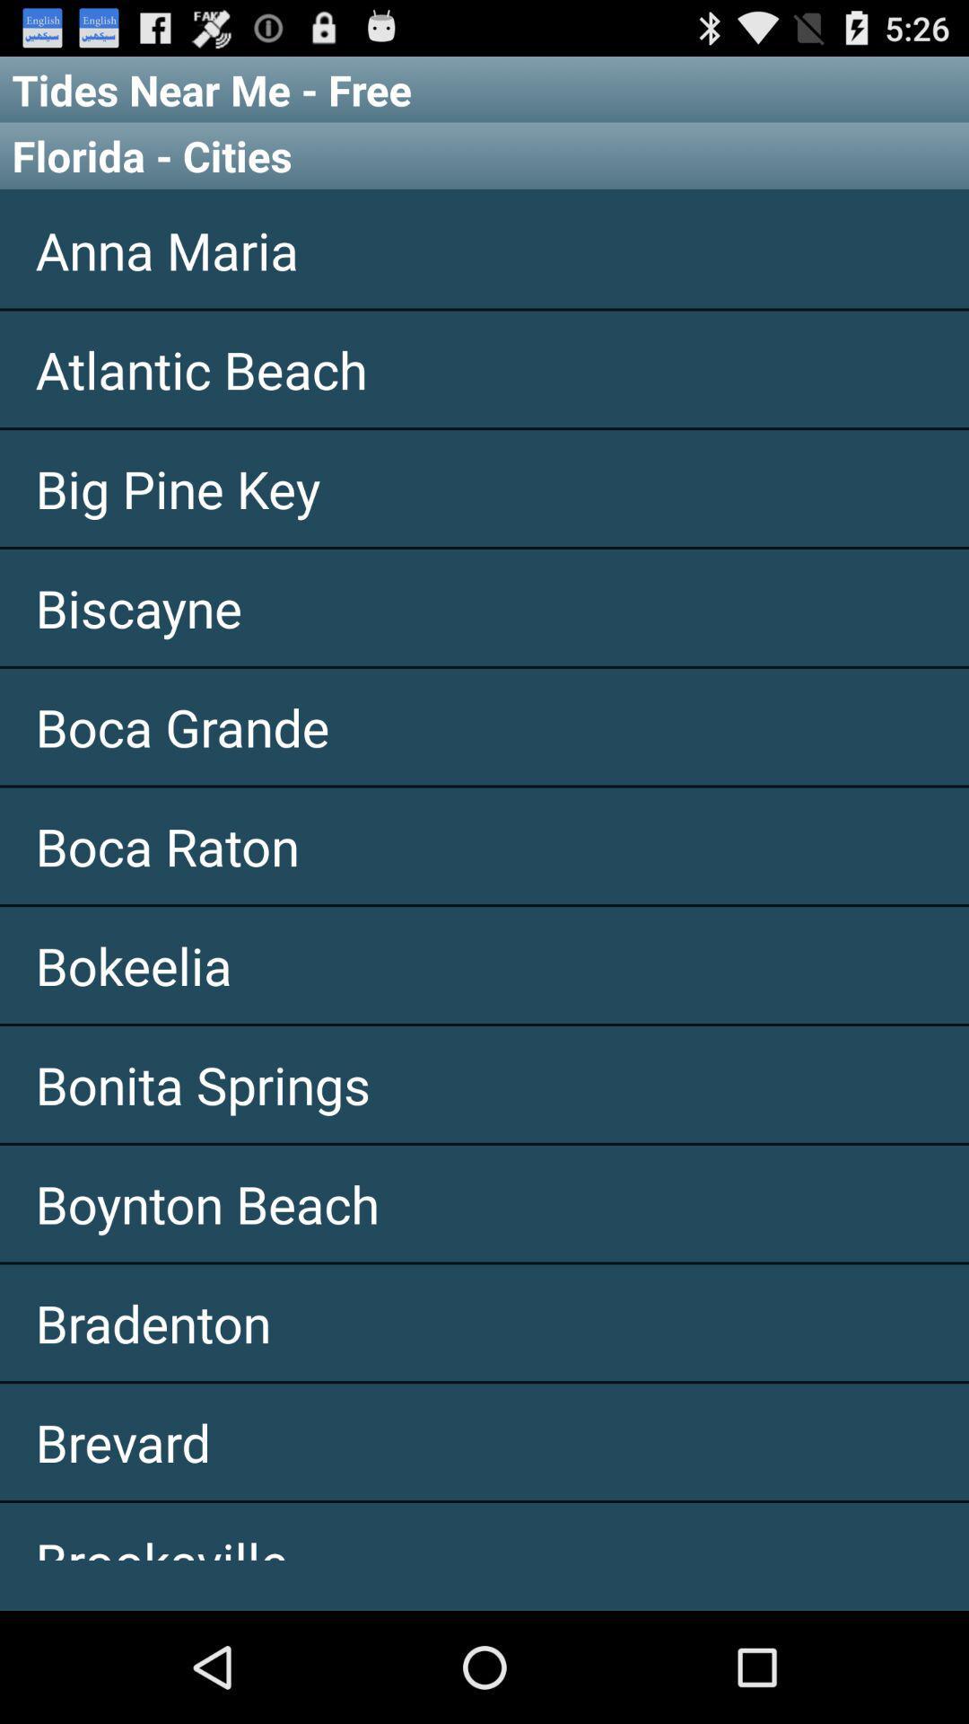 Image resolution: width=969 pixels, height=1724 pixels. I want to click on item below tides near me, so click(484, 155).